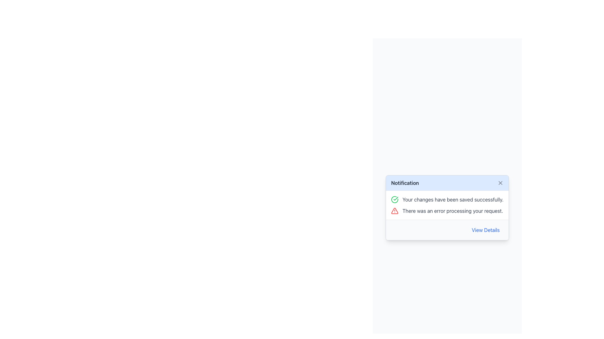 This screenshot has width=604, height=339. I want to click on the static text label located in the header section of the notification box, which serves as a title indicating its purpose or content type, so click(405, 183).